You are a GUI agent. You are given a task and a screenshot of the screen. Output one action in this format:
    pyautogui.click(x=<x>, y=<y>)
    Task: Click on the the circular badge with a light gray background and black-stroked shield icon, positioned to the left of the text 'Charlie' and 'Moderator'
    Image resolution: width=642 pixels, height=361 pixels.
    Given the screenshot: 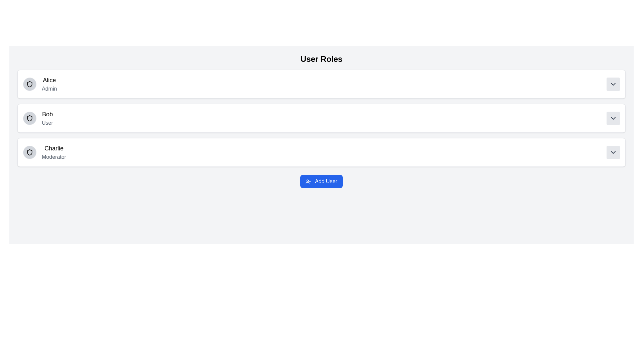 What is the action you would take?
    pyautogui.click(x=29, y=152)
    